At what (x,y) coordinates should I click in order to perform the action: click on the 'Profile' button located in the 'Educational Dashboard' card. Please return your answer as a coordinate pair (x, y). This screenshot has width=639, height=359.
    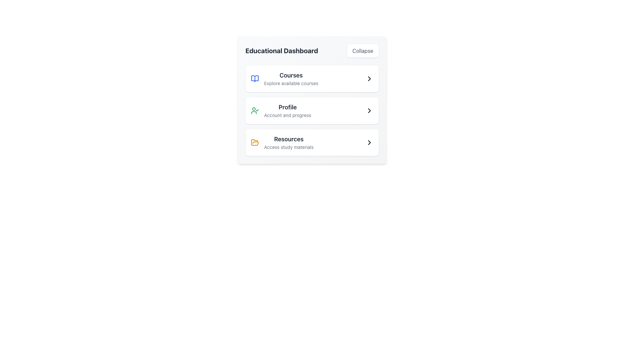
    Looking at the image, I should click on (312, 110).